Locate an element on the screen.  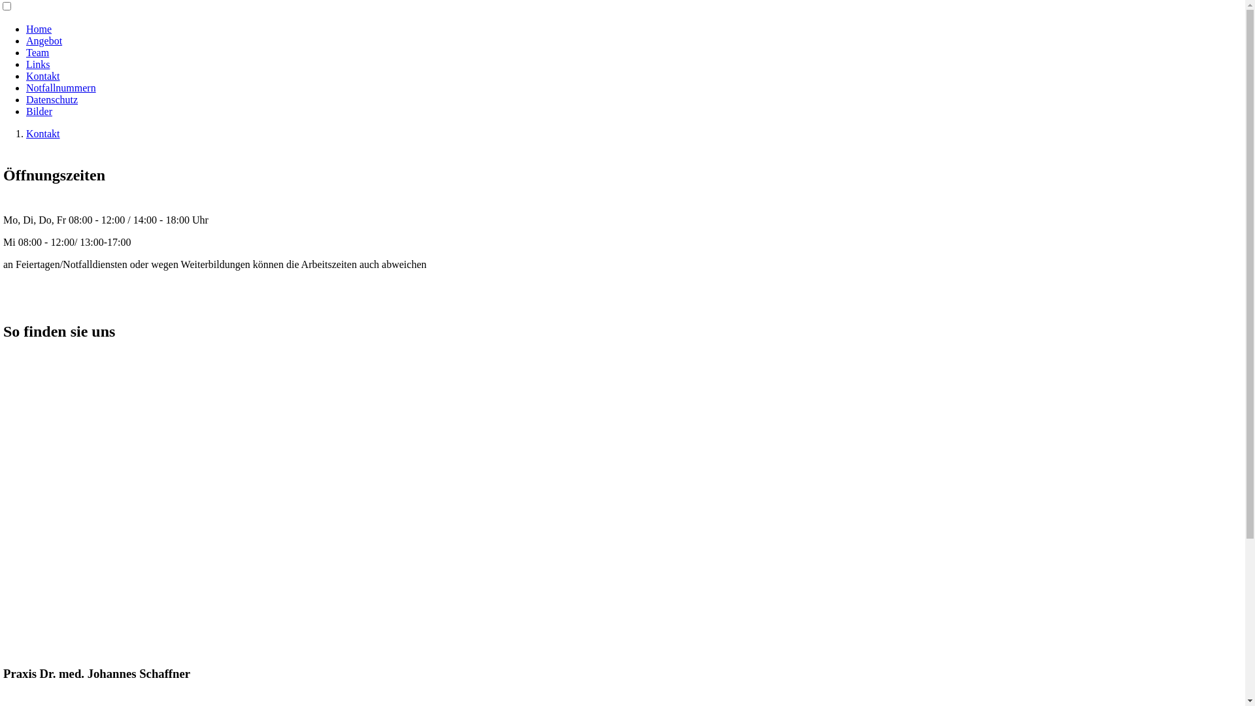
'Angebot' is located at coordinates (44, 40).